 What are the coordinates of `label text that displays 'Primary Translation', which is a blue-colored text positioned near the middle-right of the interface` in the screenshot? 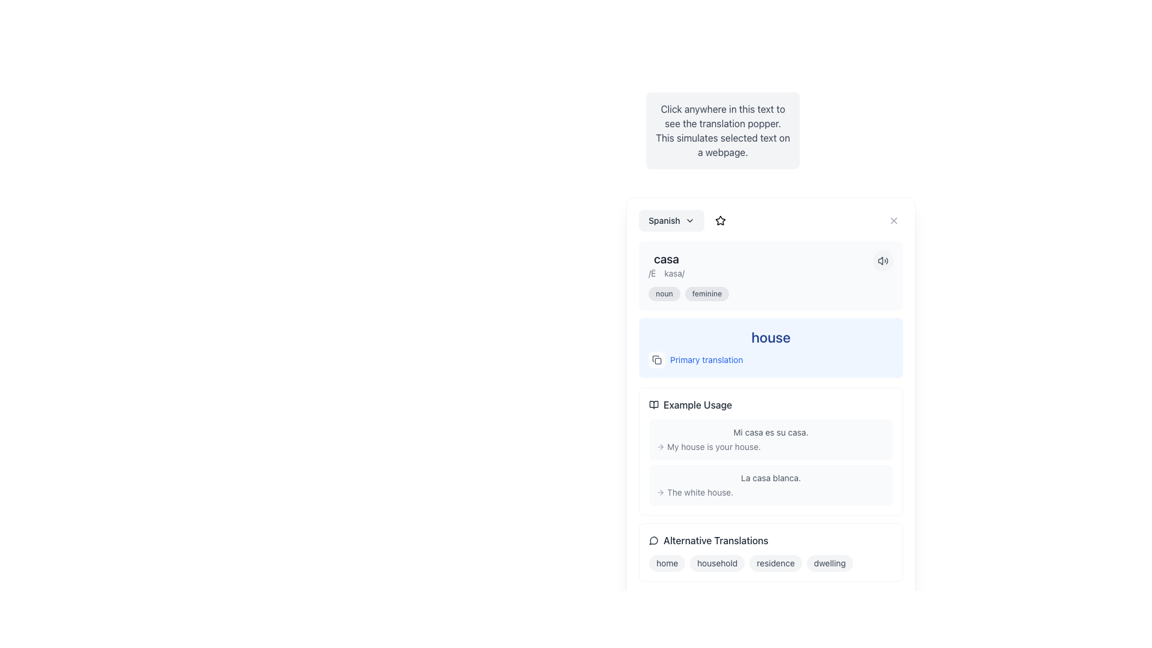 It's located at (706, 359).